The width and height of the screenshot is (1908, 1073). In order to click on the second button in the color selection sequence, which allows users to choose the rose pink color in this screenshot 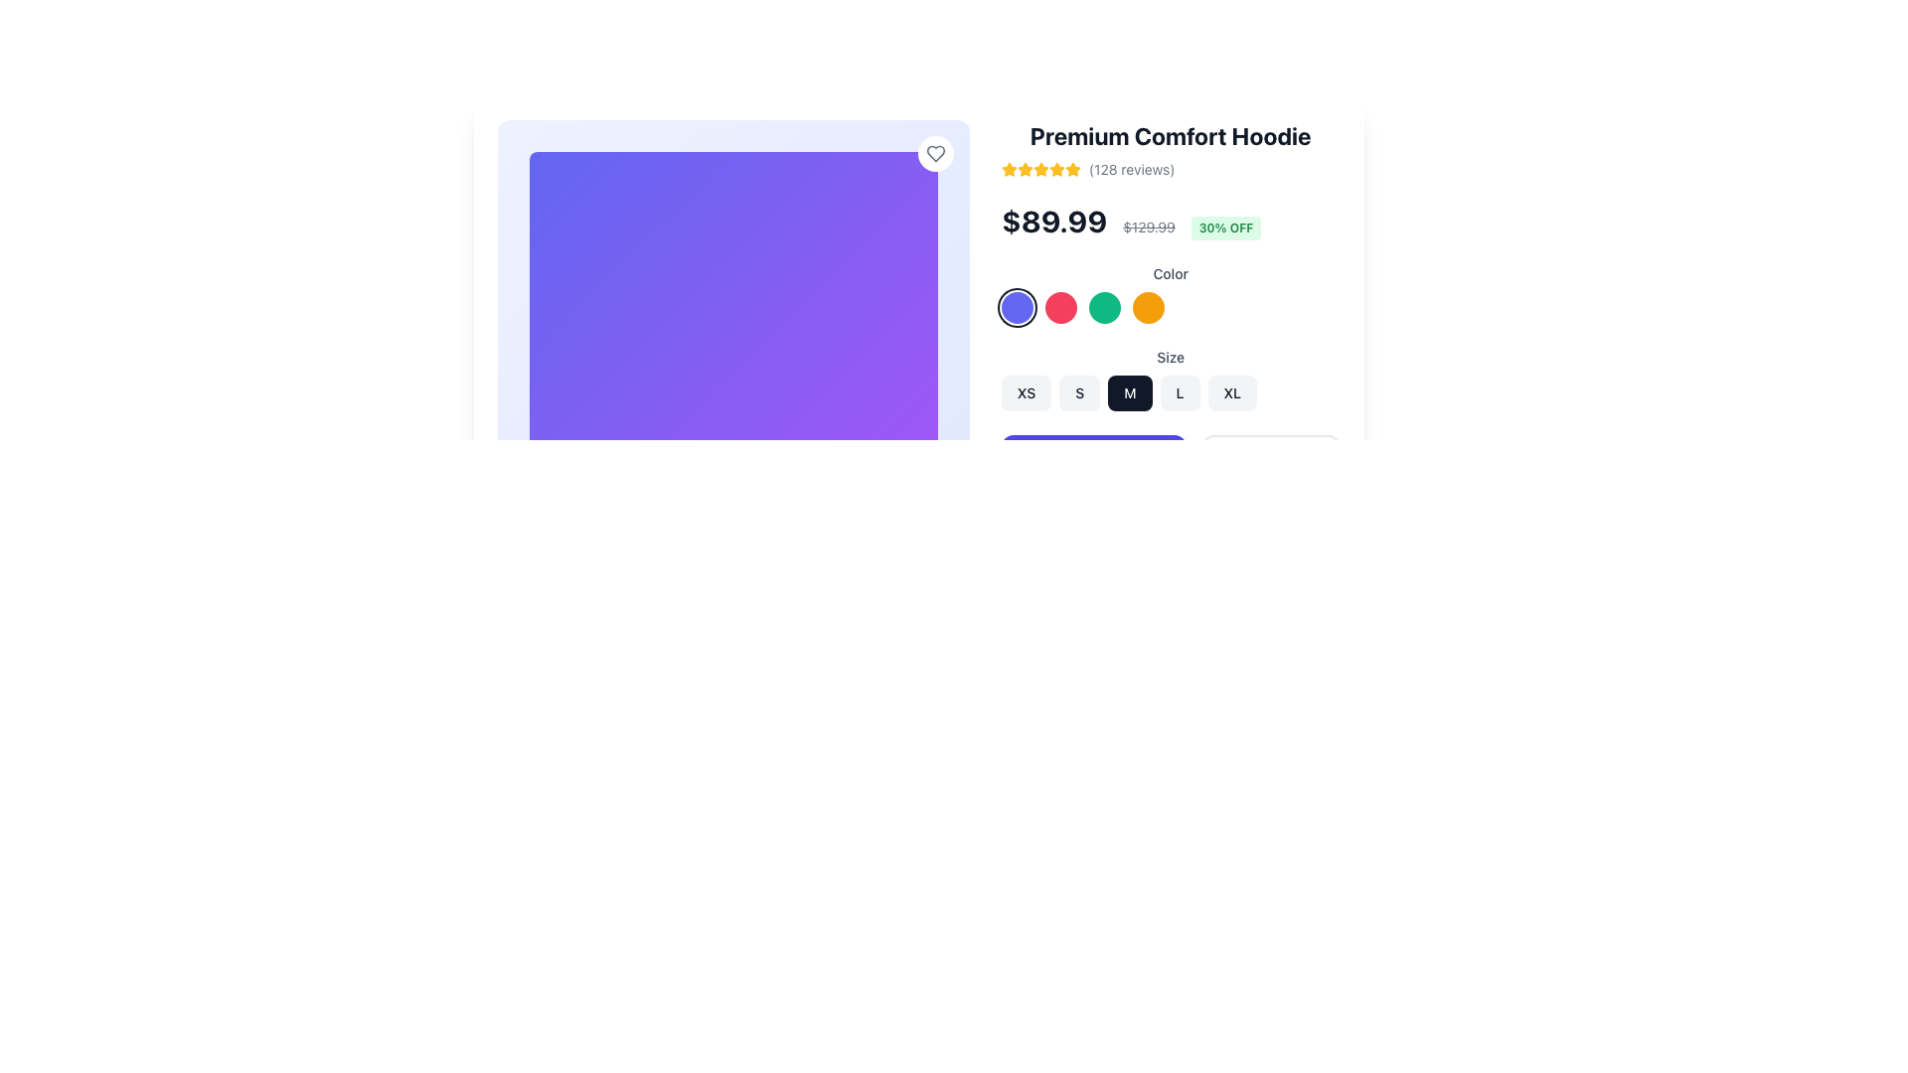, I will do `click(1059, 307)`.